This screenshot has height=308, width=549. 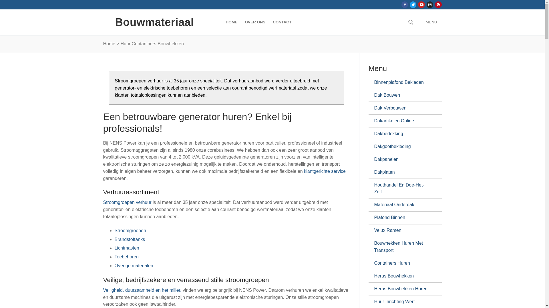 What do you see at coordinates (402, 95) in the screenshot?
I see `'Dak Bouwen'` at bounding box center [402, 95].